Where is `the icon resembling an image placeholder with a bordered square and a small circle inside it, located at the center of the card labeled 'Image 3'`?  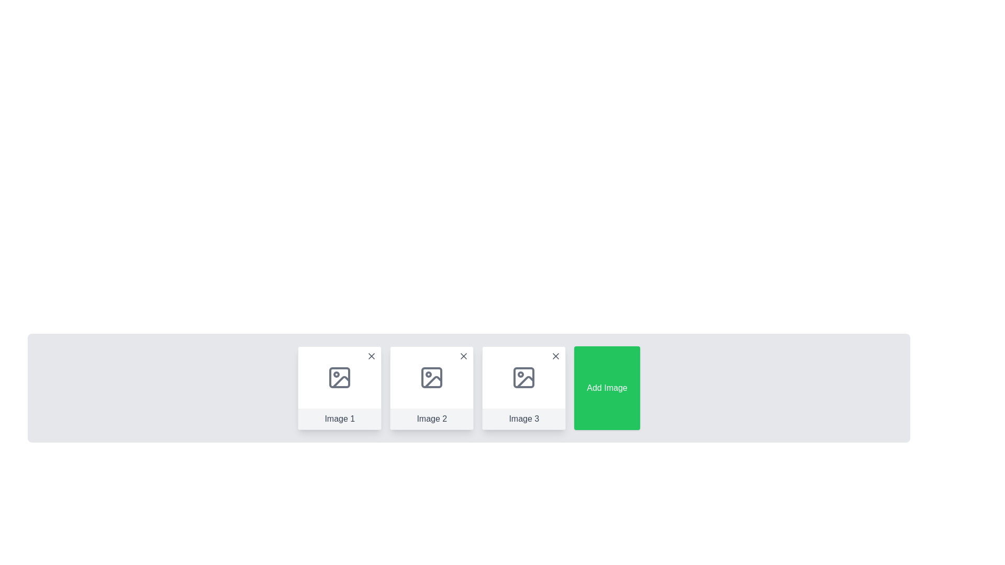
the icon resembling an image placeholder with a bordered square and a small circle inside it, located at the center of the card labeled 'Image 3' is located at coordinates (524, 377).